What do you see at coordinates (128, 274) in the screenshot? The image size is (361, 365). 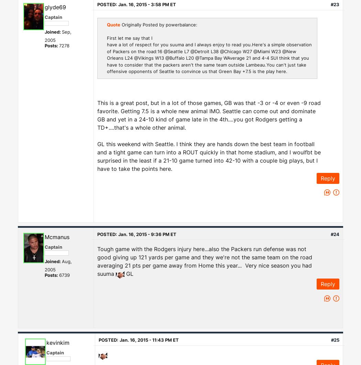 I see `'GL'` at bounding box center [128, 274].